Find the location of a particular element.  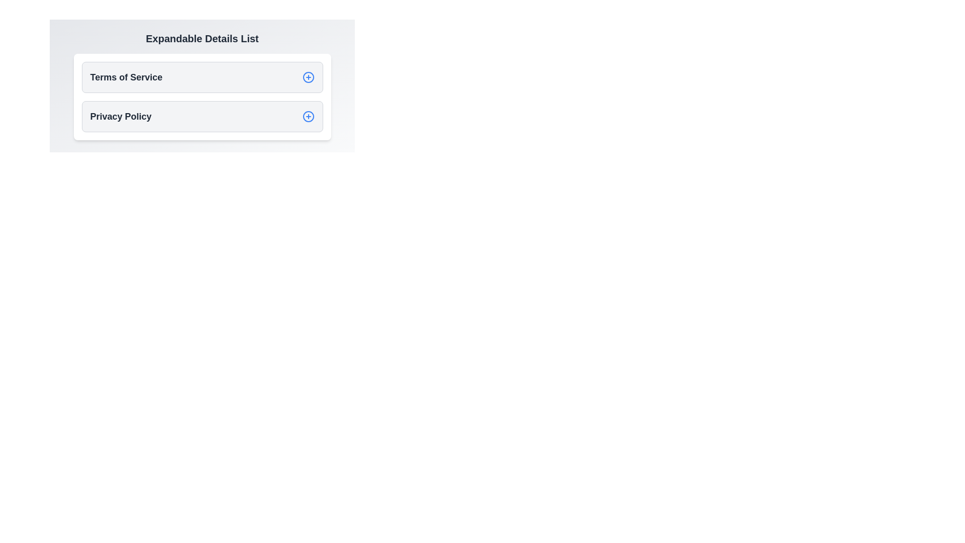

the central circular component of the 'plus circle' icon located to the right of the 'Privacy Policy' label is located at coordinates (308, 116).